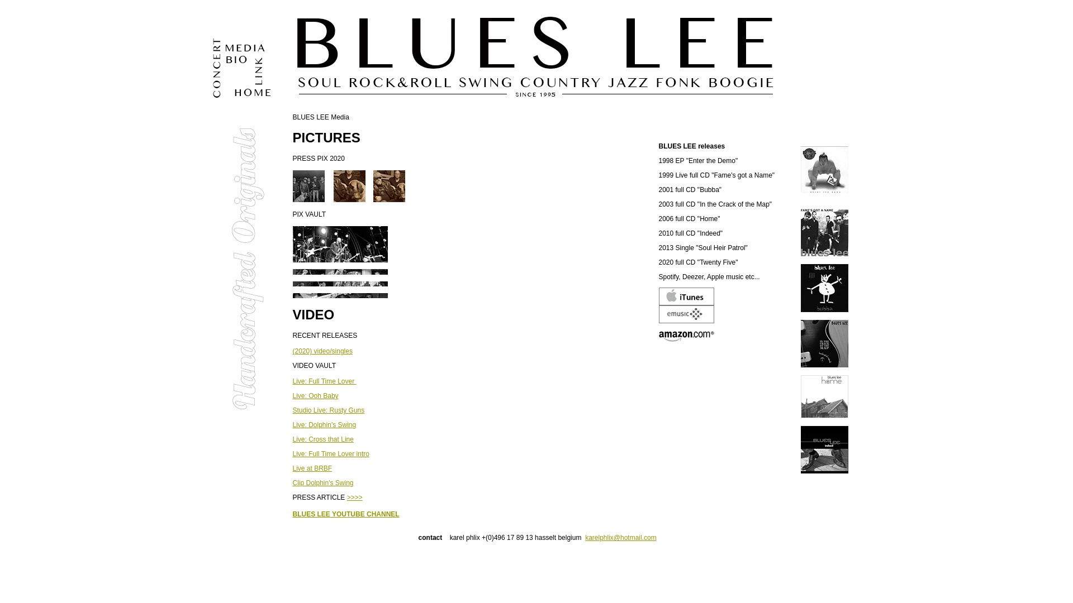 Image resolution: width=1073 pixels, height=603 pixels. What do you see at coordinates (292, 350) in the screenshot?
I see `'(2020) video/singles'` at bounding box center [292, 350].